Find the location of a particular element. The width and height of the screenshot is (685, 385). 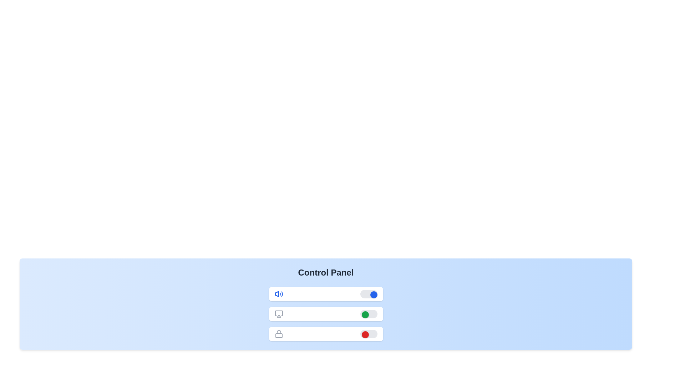

the decorative vector graphic component that is part of the lock icon in the third row of the control panel, located near the red-colored toggle switch is located at coordinates (278, 335).